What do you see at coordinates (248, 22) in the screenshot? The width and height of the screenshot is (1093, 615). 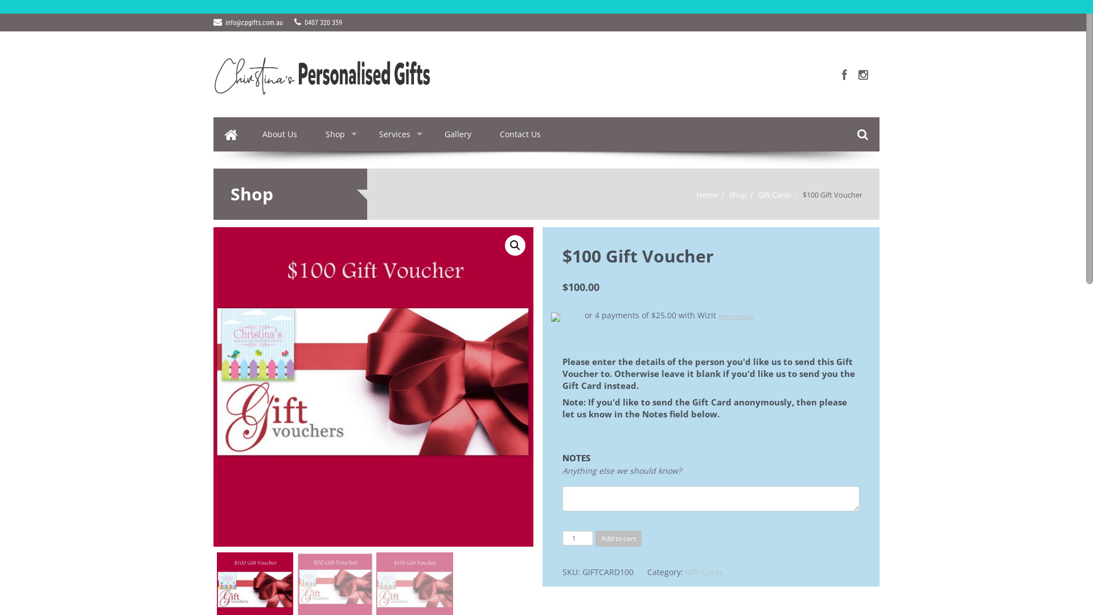 I see `'  info@cpgifts.com.au'` at bounding box center [248, 22].